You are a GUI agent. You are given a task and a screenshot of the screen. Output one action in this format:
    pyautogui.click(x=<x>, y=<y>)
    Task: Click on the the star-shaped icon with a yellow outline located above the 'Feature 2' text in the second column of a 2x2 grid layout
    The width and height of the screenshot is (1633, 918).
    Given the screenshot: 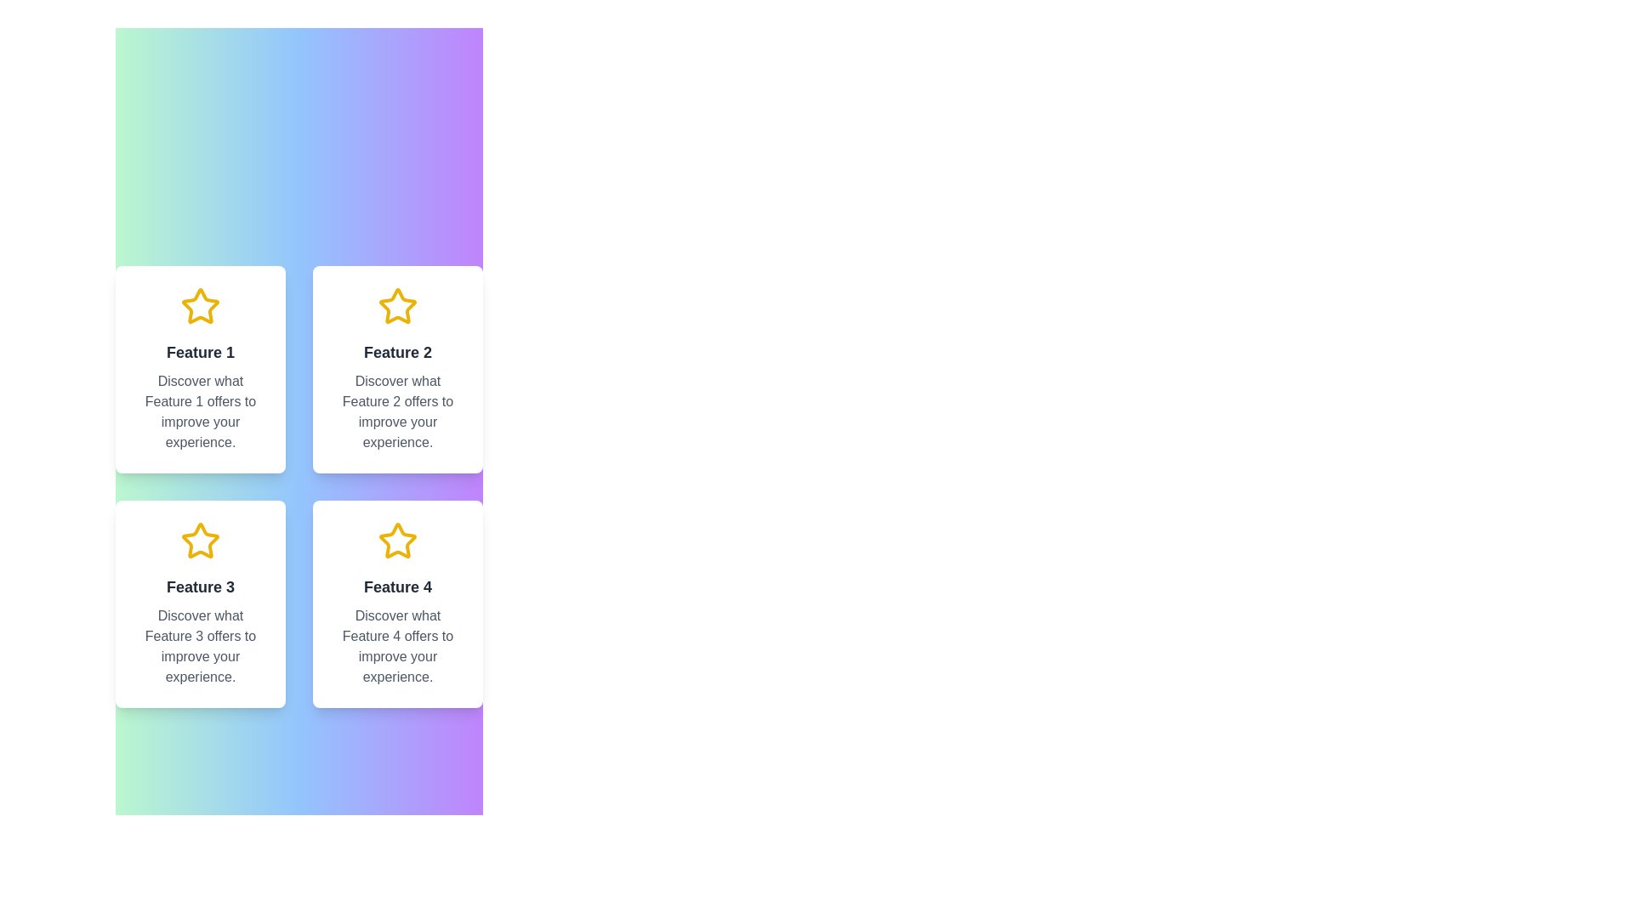 What is the action you would take?
    pyautogui.click(x=396, y=307)
    